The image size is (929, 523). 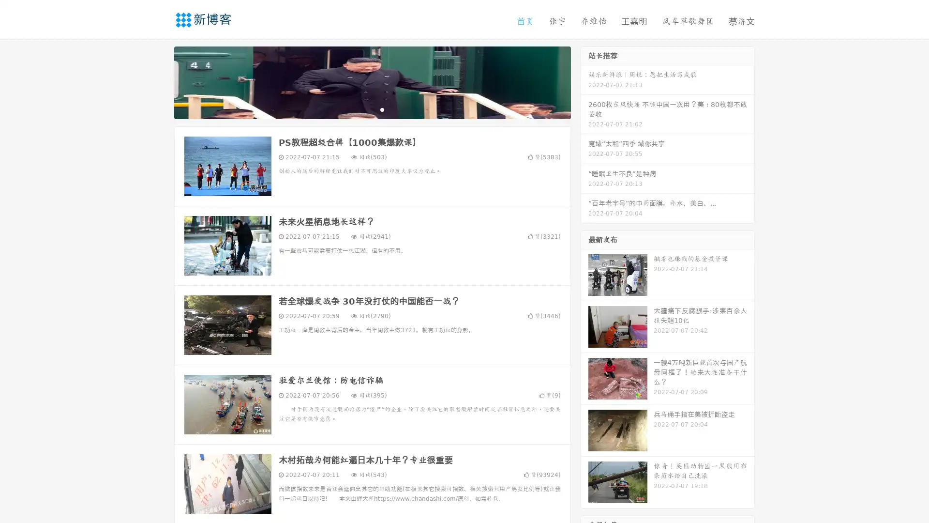 I want to click on Next slide, so click(x=584, y=81).